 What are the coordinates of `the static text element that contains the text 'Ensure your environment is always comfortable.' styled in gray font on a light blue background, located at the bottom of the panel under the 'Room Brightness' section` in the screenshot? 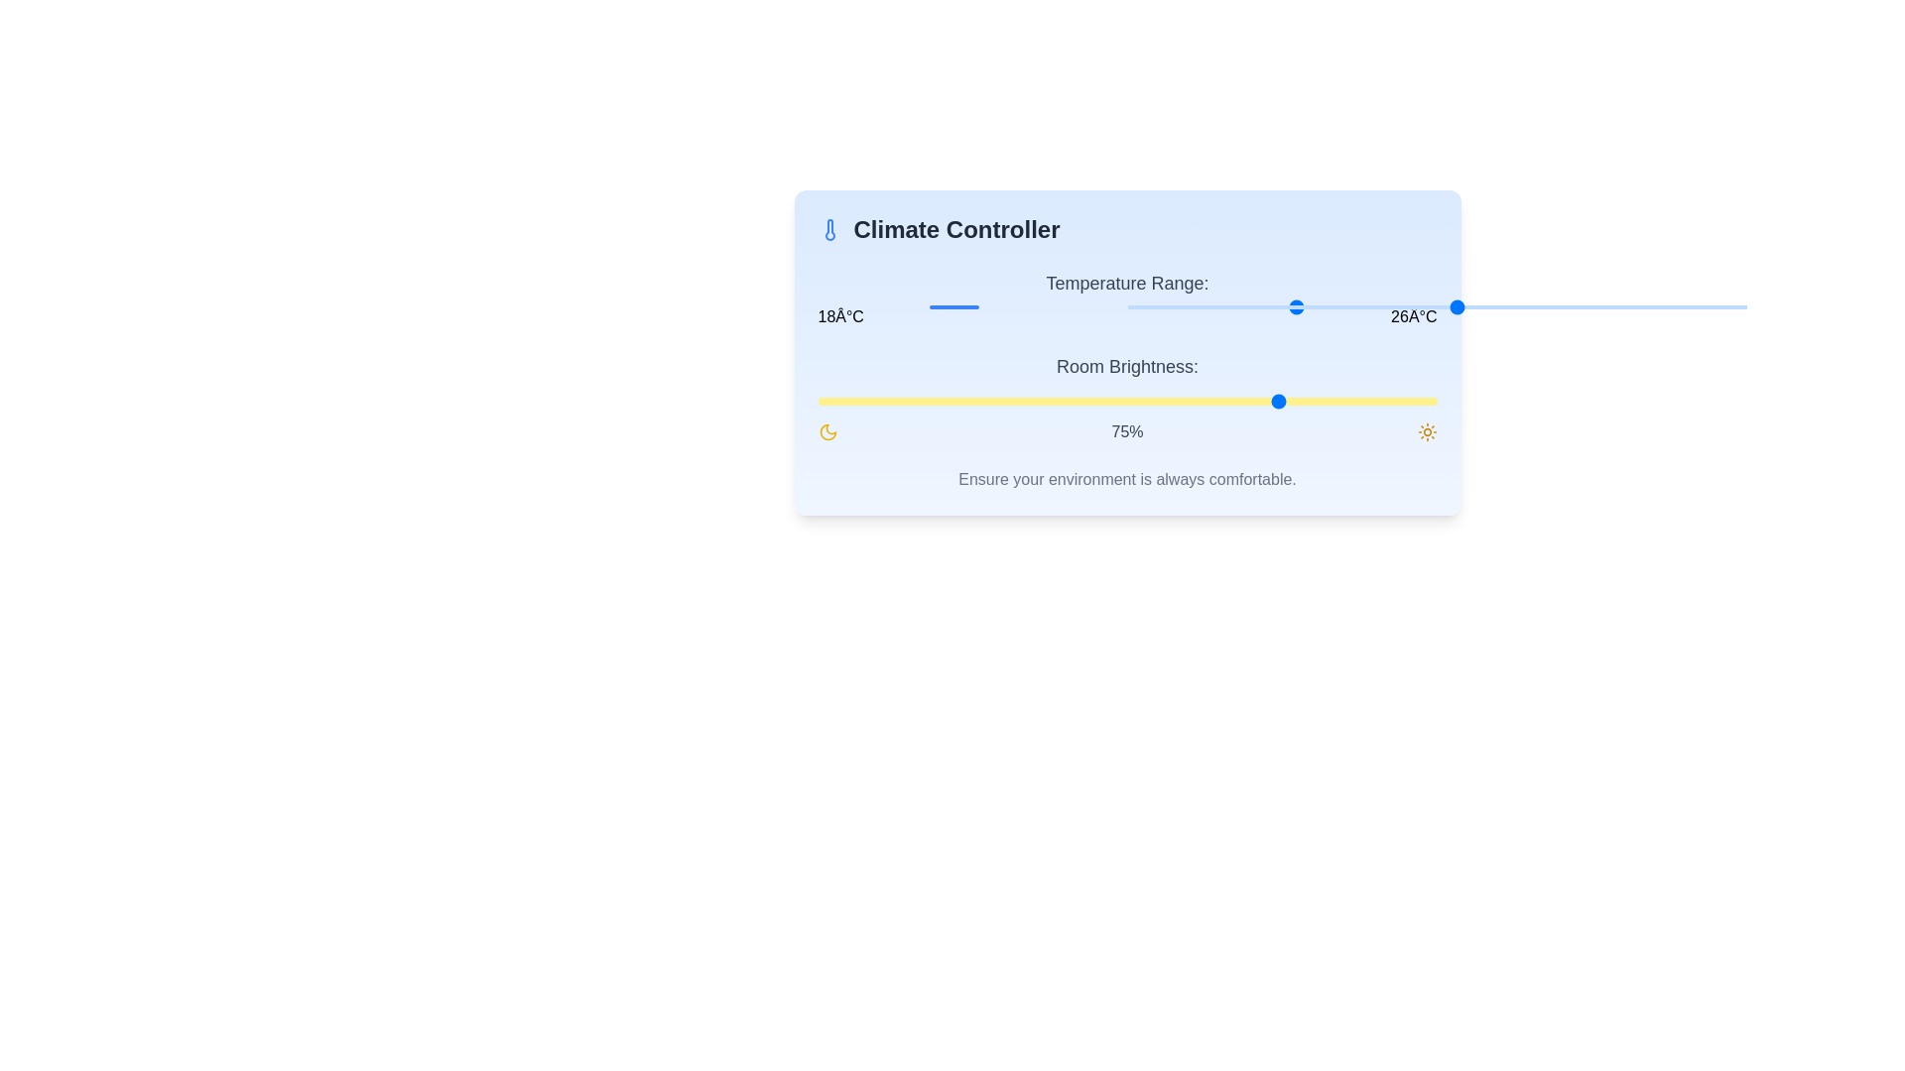 It's located at (1127, 479).